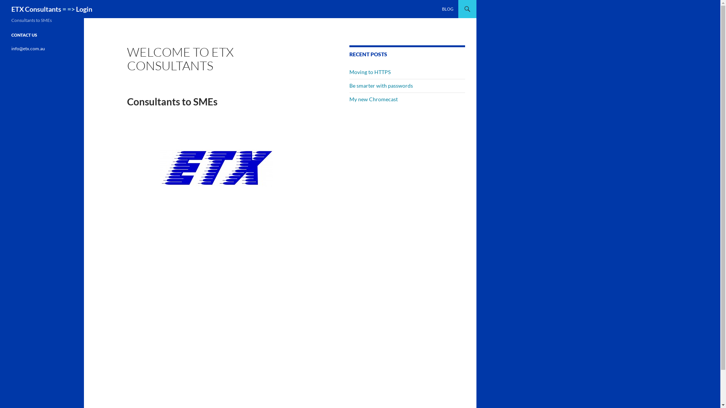 The image size is (726, 408). I want to click on 'BLOG', so click(448, 9).